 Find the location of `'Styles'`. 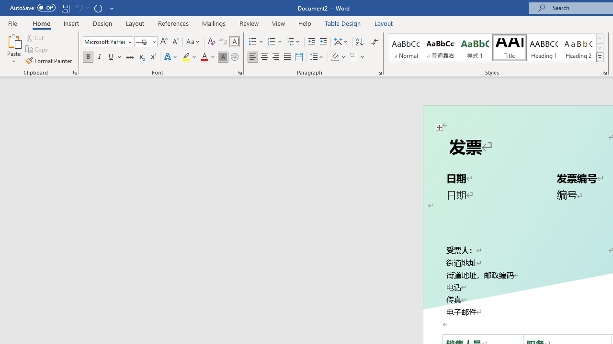

'Styles' is located at coordinates (599, 57).